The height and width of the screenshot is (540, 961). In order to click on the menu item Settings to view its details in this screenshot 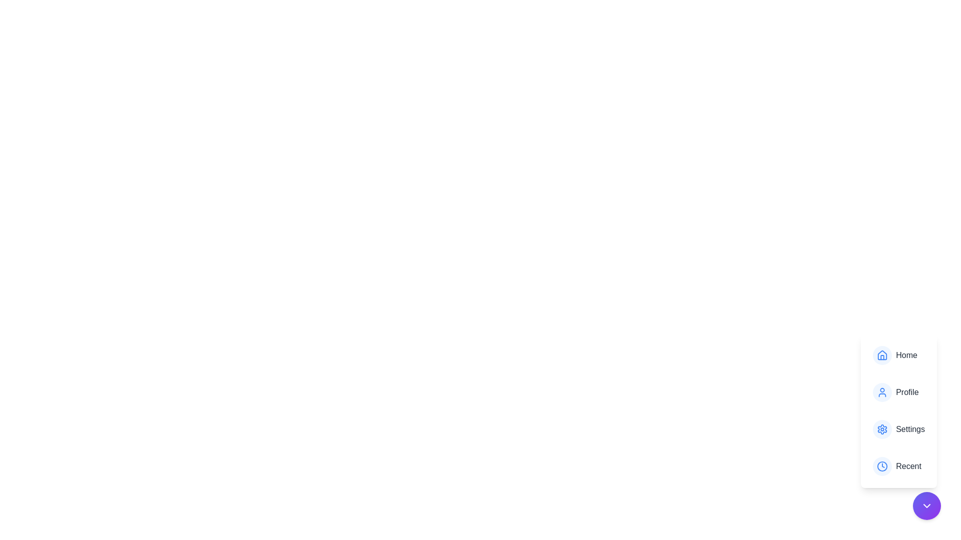, I will do `click(898, 429)`.